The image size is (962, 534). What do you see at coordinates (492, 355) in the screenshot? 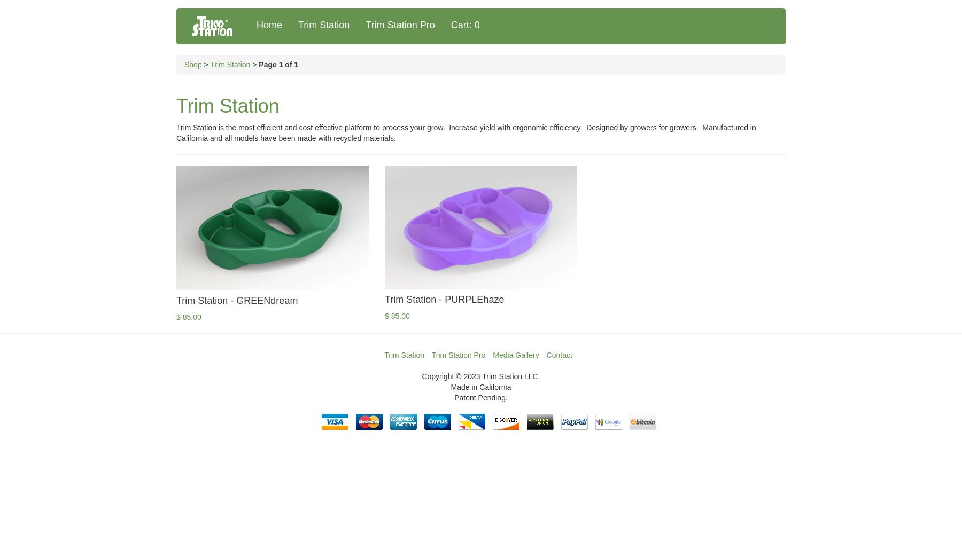
I see `'Media Gallery'` at bounding box center [492, 355].